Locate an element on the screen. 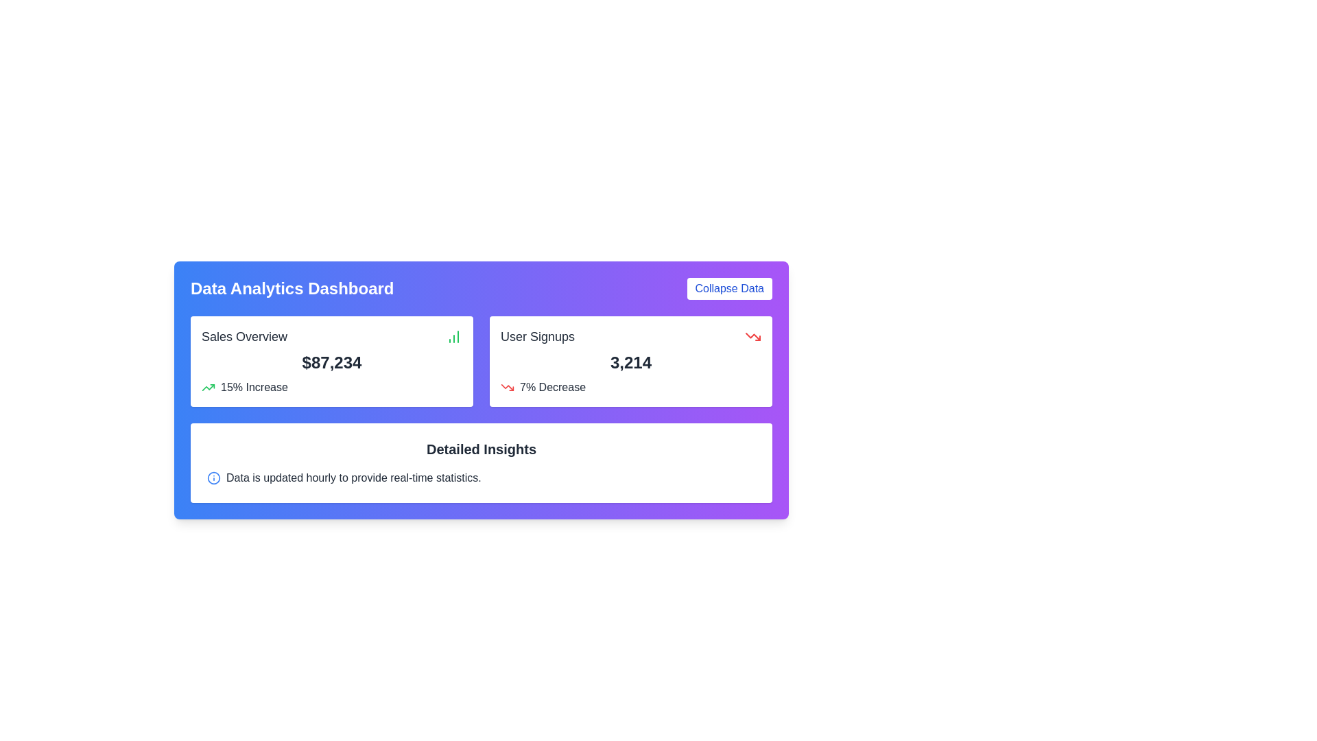  the green arrow icon that represents an upward trend, located beside the text '15% Increase' in the 'Sales Overview' section of the main dashboard is located at coordinates (207, 387).